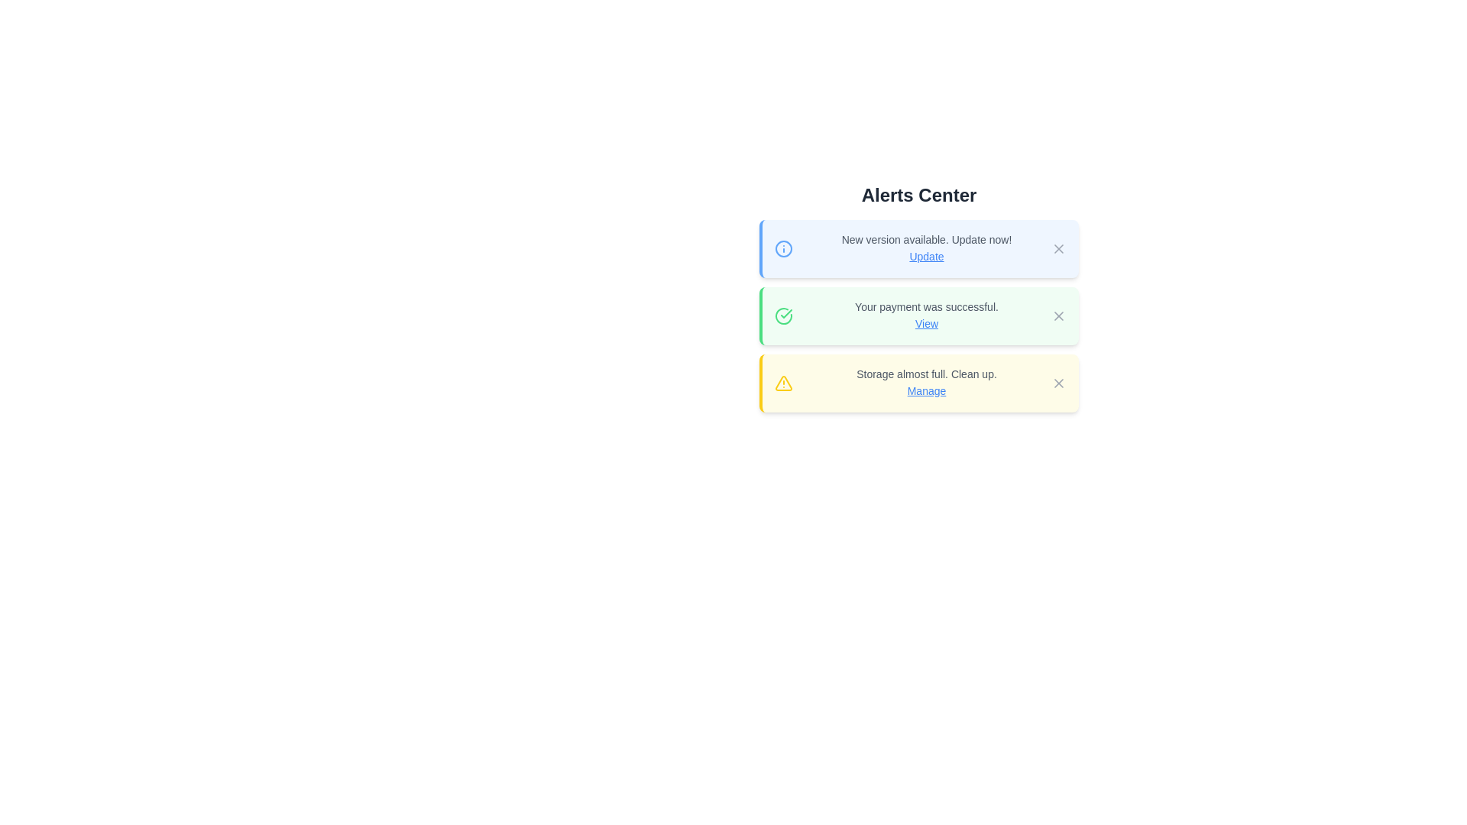 The height and width of the screenshot is (825, 1467). What do you see at coordinates (1058, 248) in the screenshot?
I see `the dismissal button located at the top-right corner of the first notification card` at bounding box center [1058, 248].